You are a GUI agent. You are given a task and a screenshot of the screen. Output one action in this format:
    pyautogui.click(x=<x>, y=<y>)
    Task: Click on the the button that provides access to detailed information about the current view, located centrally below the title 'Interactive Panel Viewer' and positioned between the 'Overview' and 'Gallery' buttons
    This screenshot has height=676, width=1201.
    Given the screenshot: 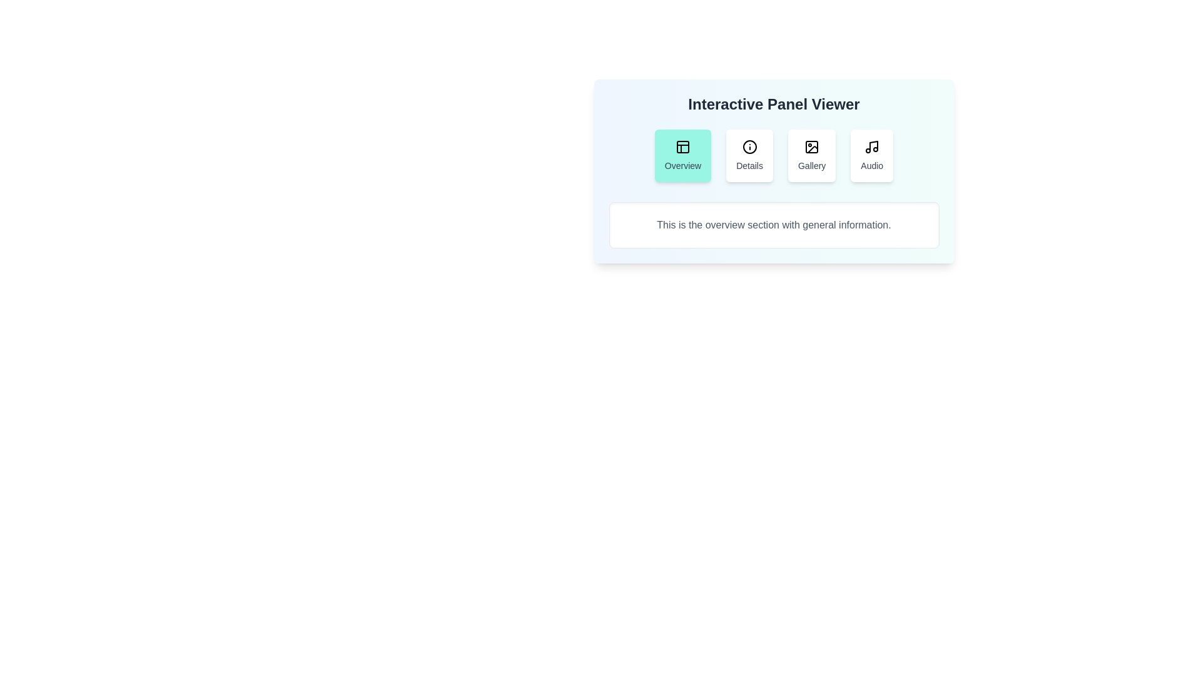 What is the action you would take?
    pyautogui.click(x=749, y=155)
    